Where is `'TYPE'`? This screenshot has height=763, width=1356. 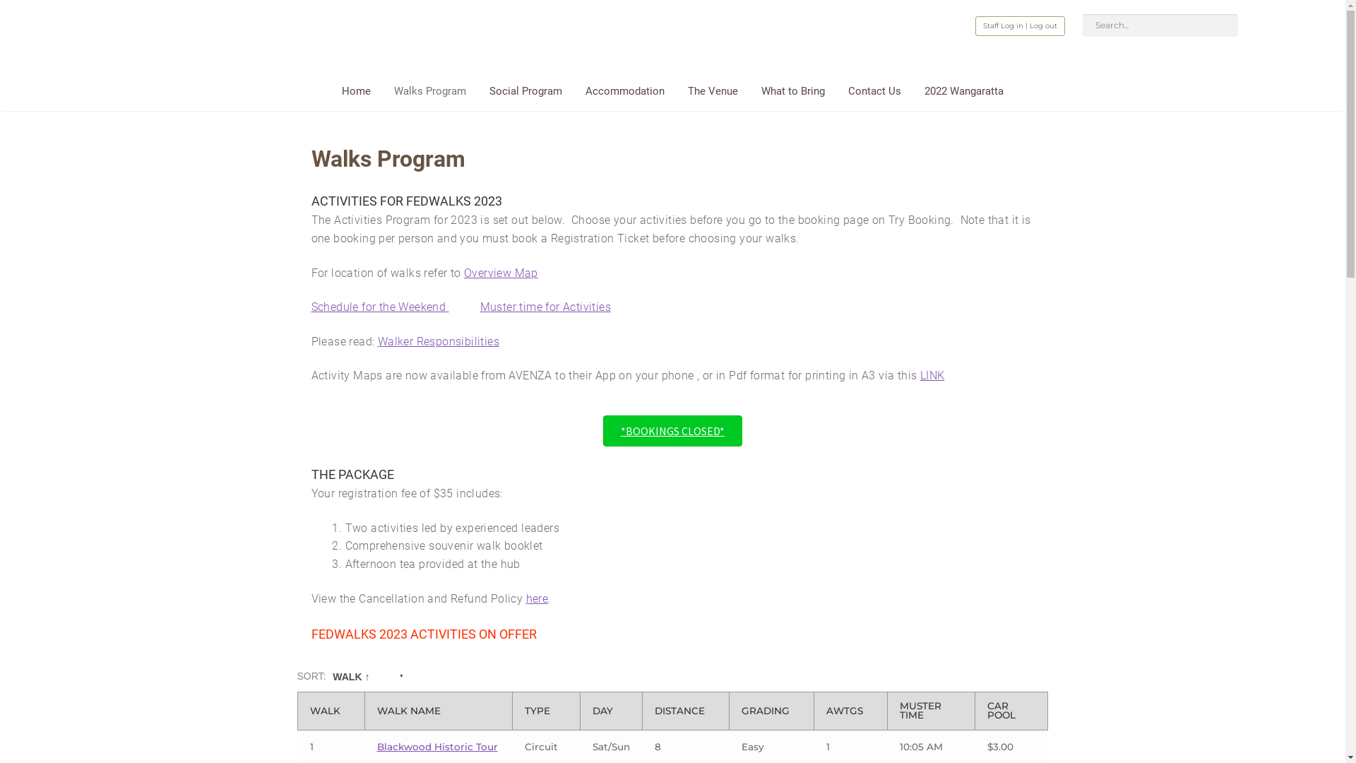 'TYPE' is located at coordinates (545, 711).